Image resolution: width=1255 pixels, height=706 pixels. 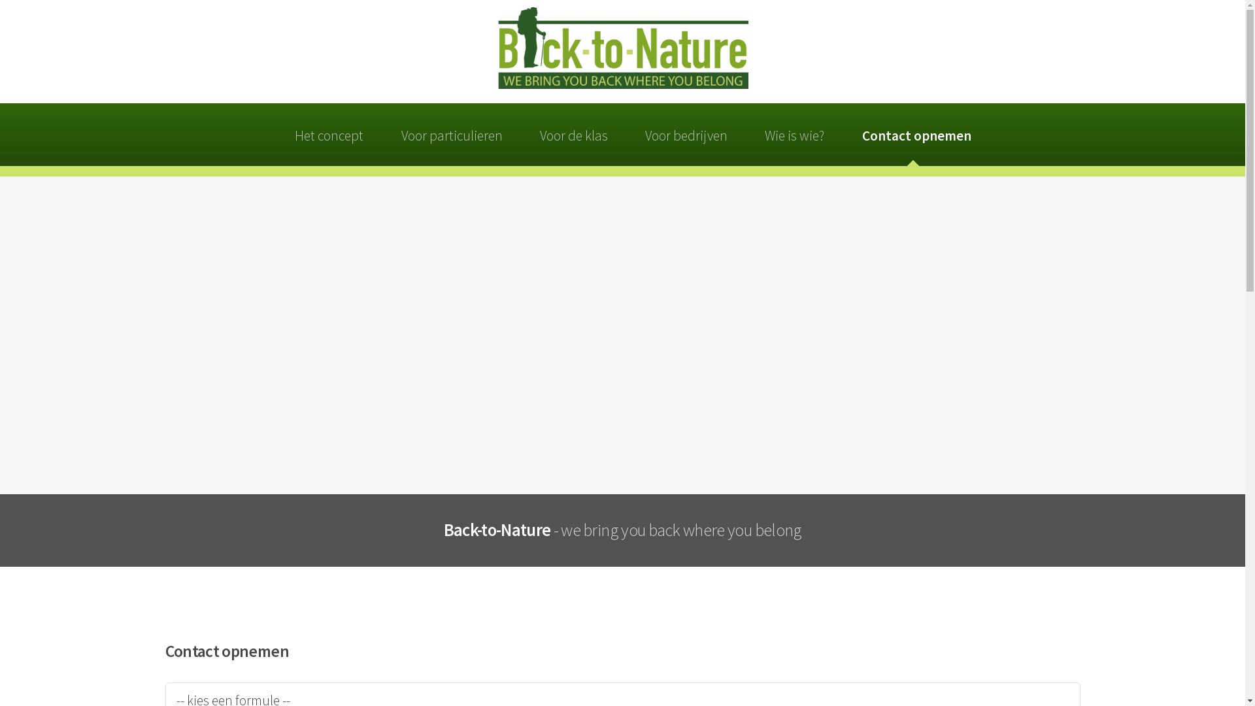 I want to click on 'Voor de klas', so click(x=533, y=134).